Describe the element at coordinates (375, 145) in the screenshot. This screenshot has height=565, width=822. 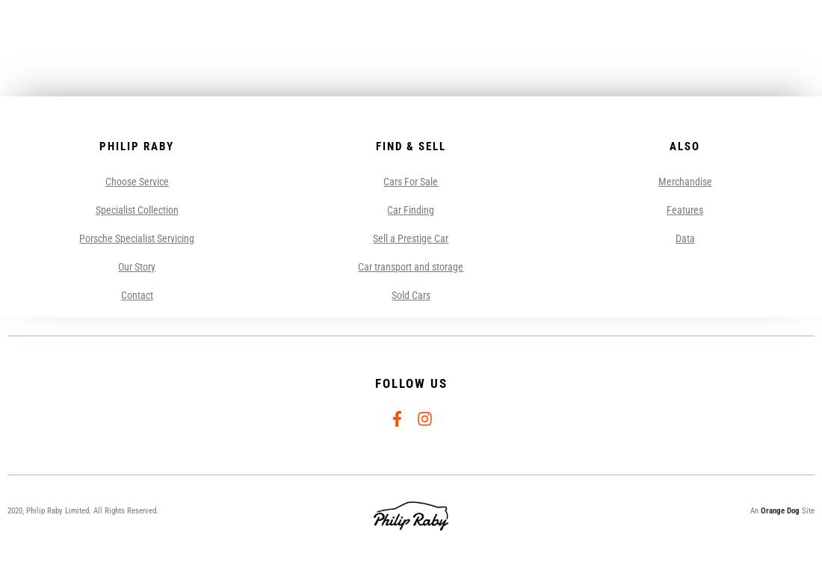
I see `'Find & Sell'` at that location.